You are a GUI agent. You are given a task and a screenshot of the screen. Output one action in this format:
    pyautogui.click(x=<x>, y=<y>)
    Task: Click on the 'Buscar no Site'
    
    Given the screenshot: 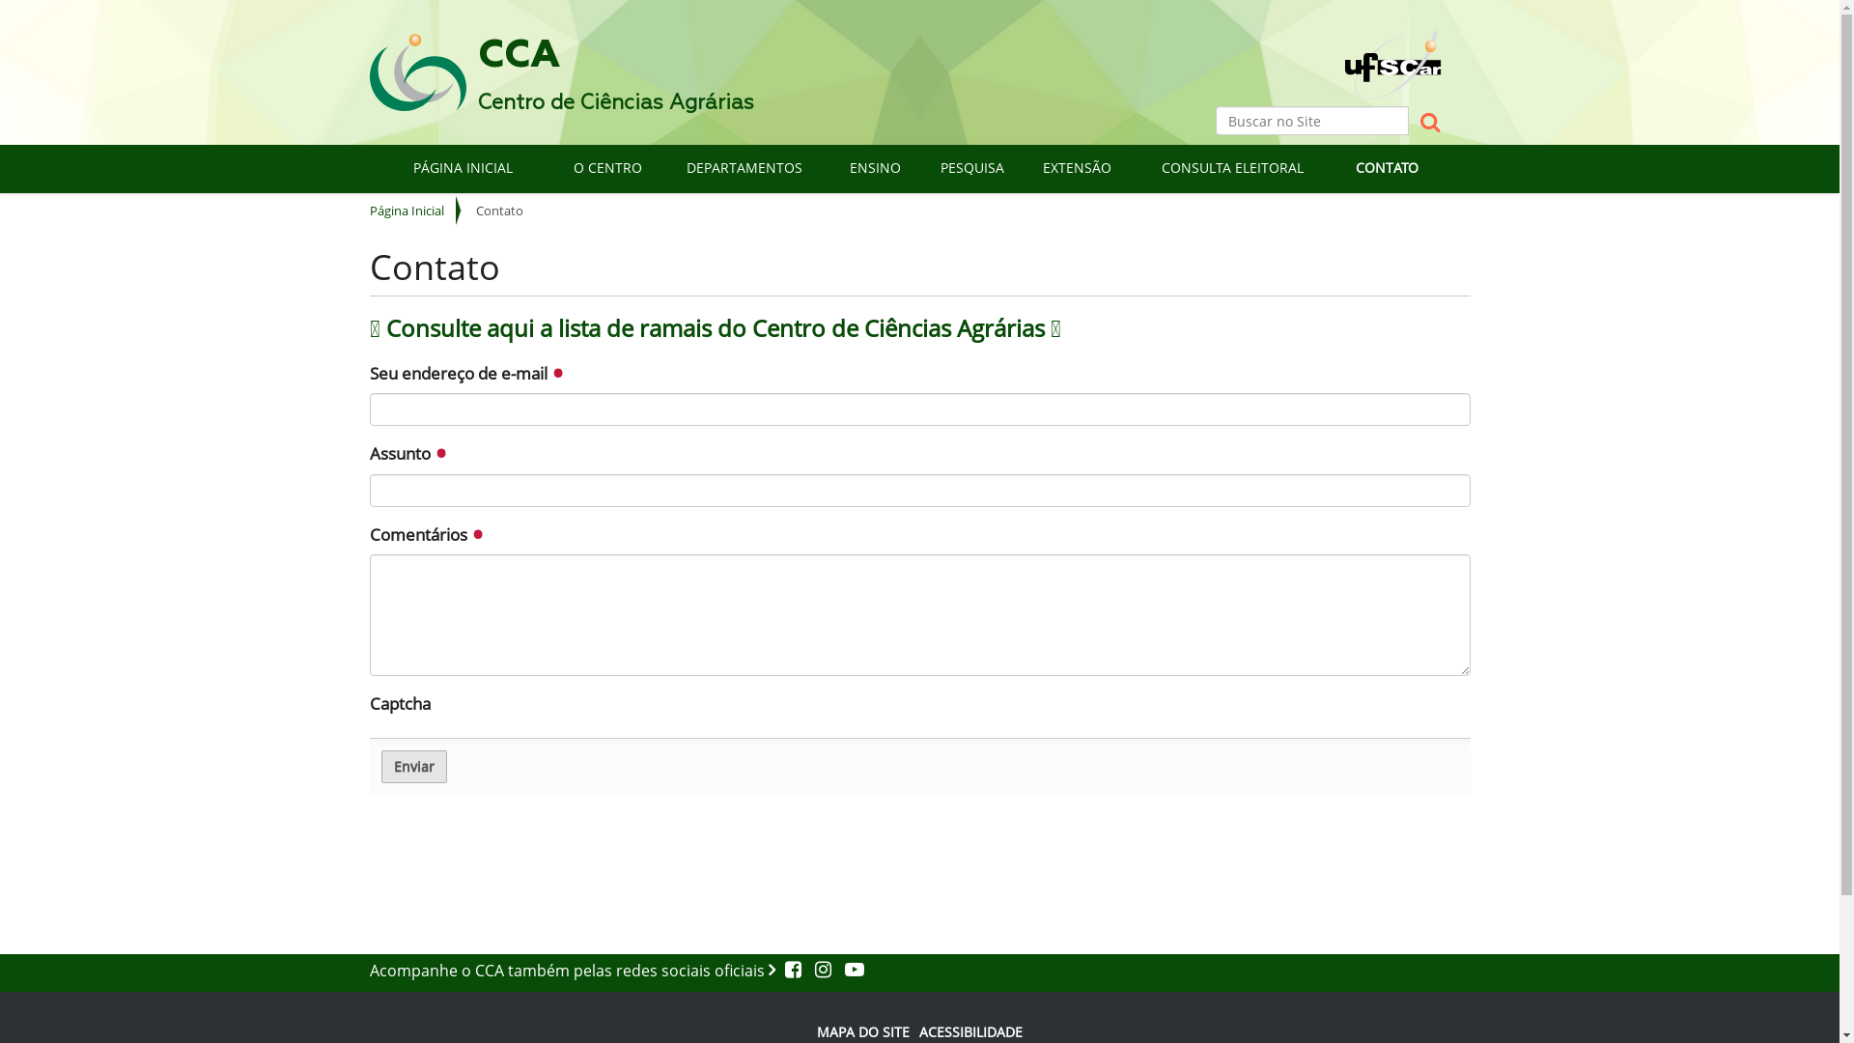 What is the action you would take?
    pyautogui.click(x=1311, y=120)
    